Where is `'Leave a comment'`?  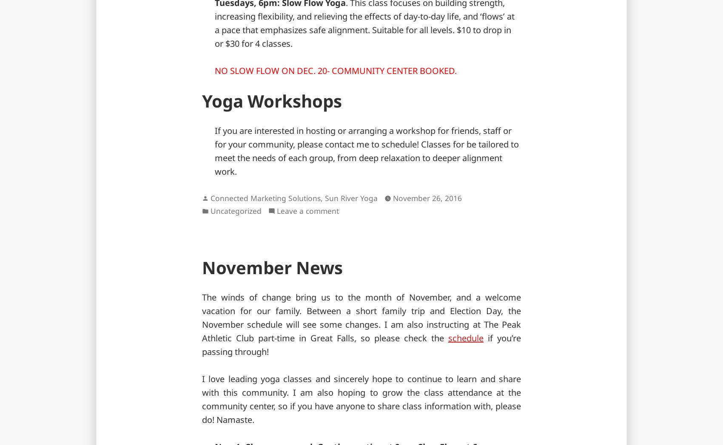
'Leave a comment' is located at coordinates (308, 210).